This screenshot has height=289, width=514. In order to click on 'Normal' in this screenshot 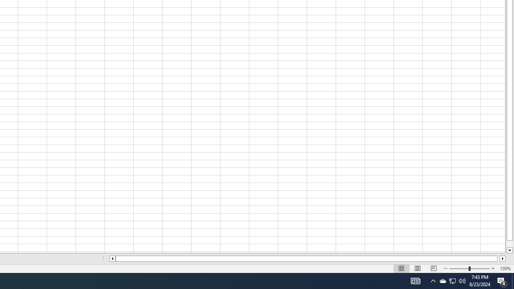, I will do `click(402, 269)`.